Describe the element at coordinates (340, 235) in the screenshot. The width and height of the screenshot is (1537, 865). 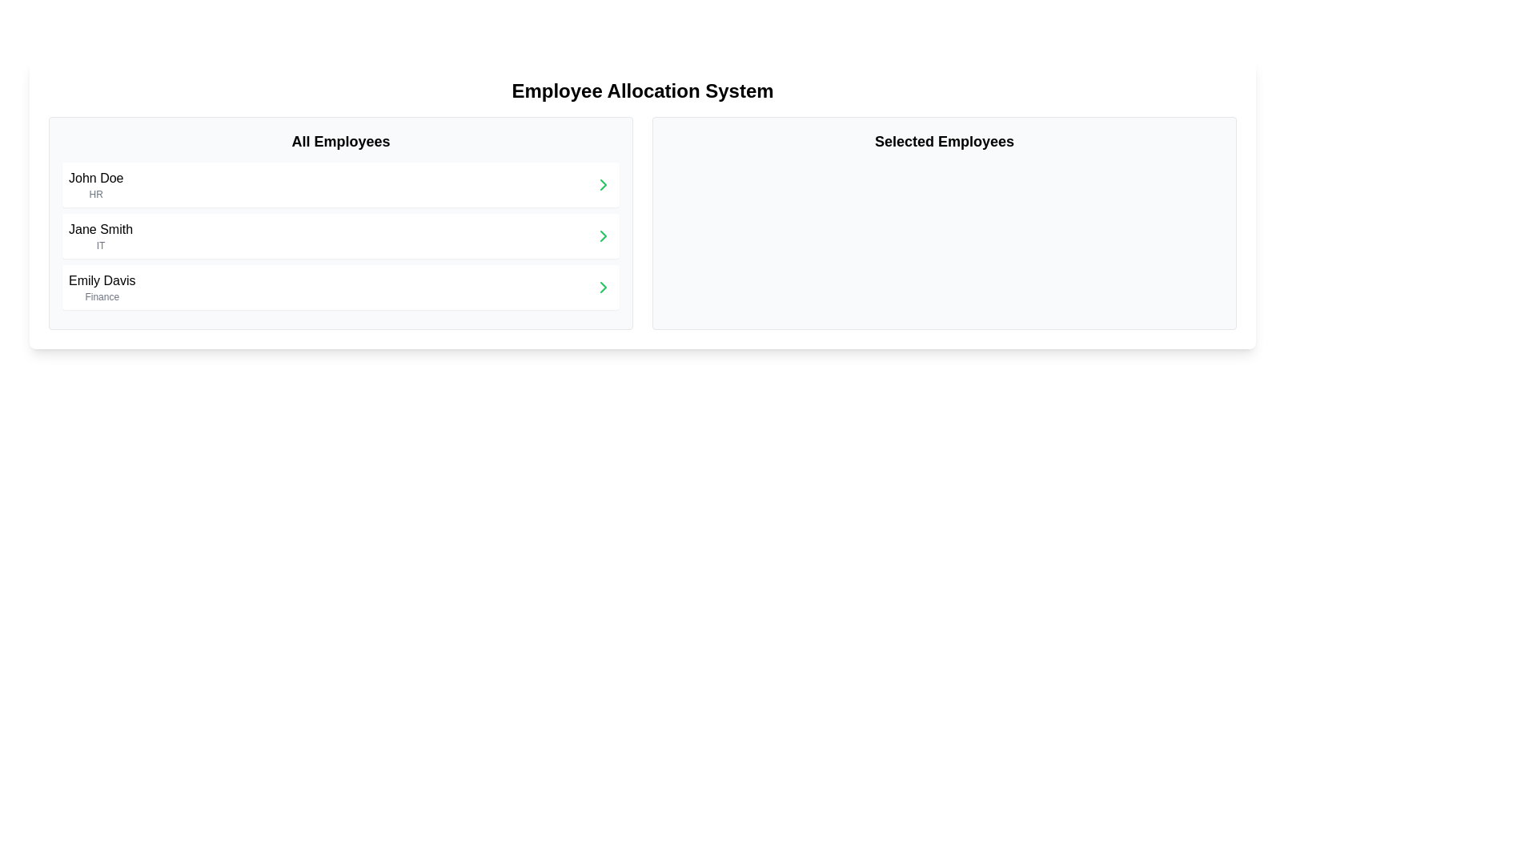
I see `the list item containing 'Jane Smith' in the 'All Employees' section` at that location.